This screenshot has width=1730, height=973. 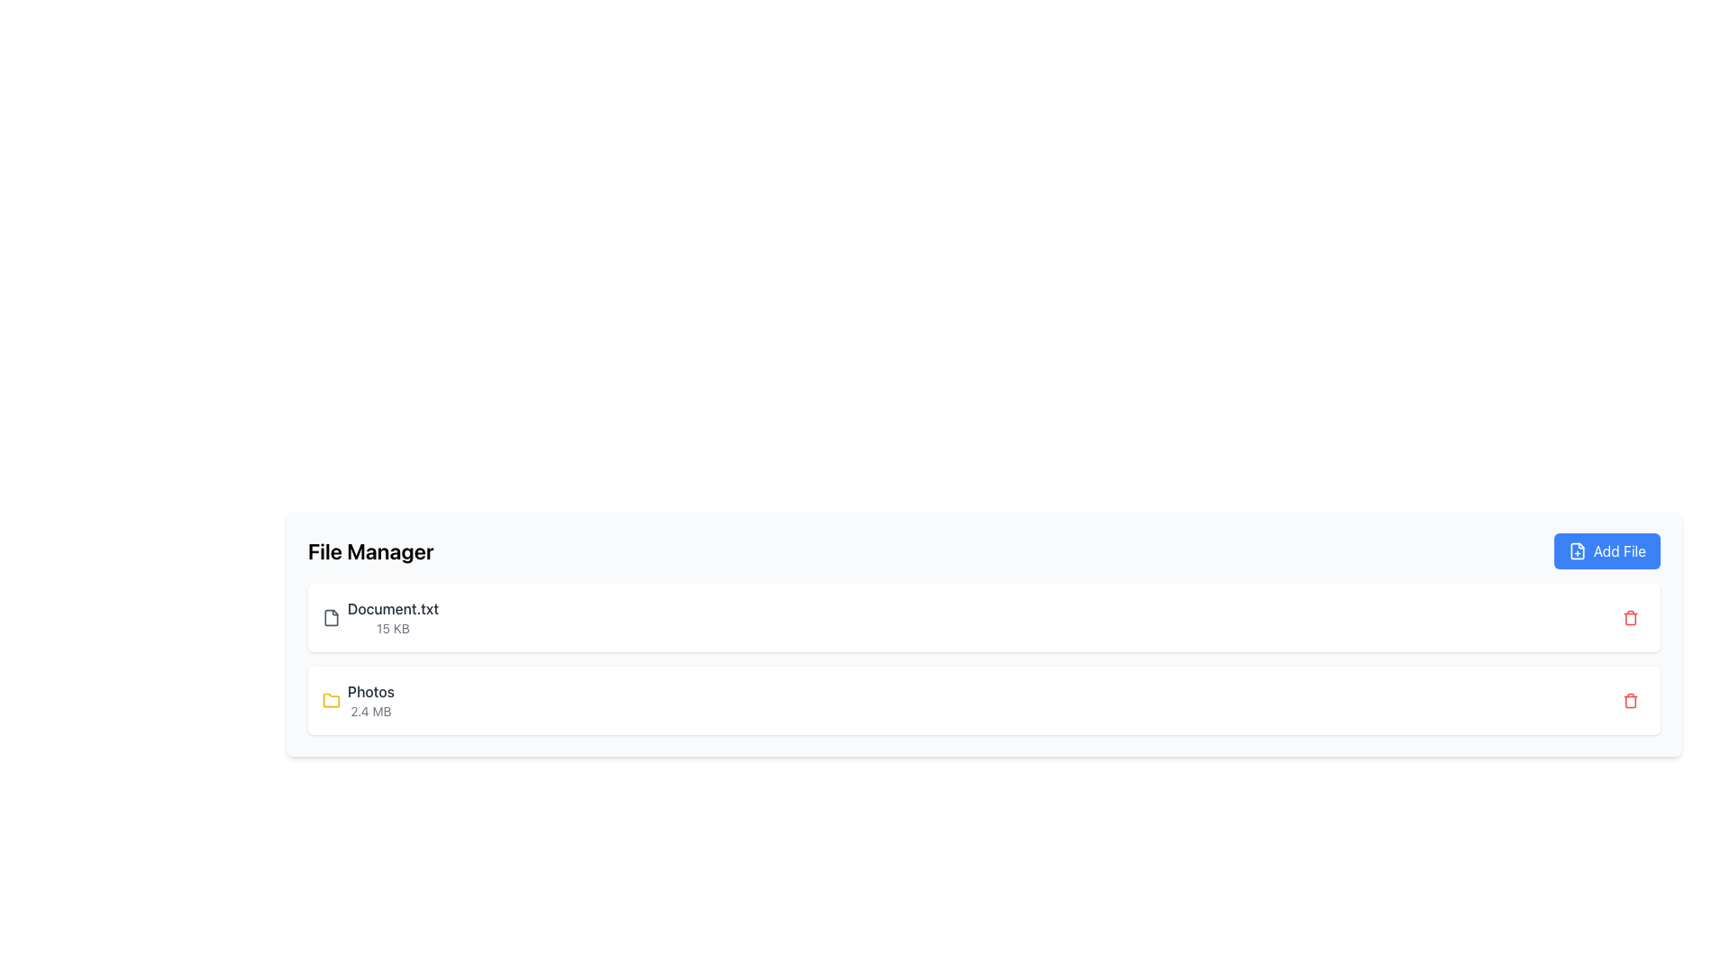 What do you see at coordinates (332, 617) in the screenshot?
I see `the document file icon in the file listing interface titled 'File Manager'` at bounding box center [332, 617].